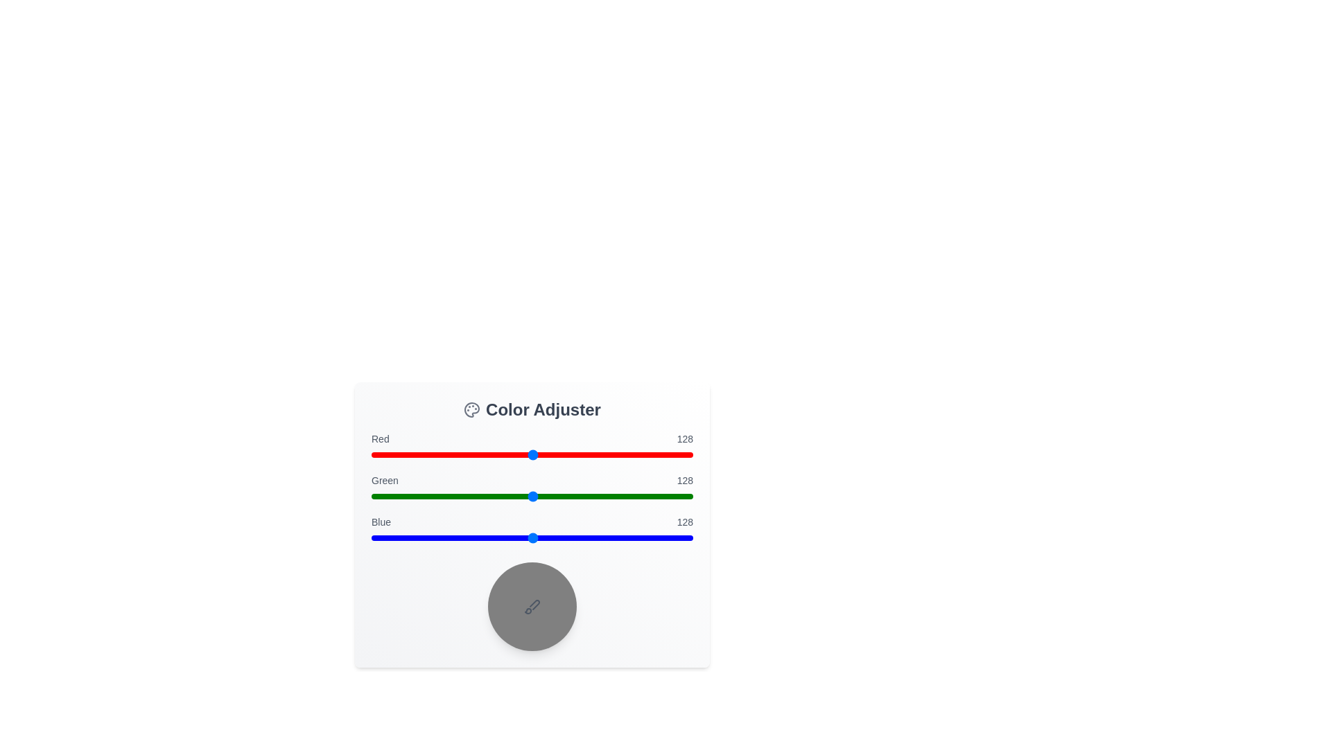  I want to click on the red slider to the value 228, so click(658, 454).